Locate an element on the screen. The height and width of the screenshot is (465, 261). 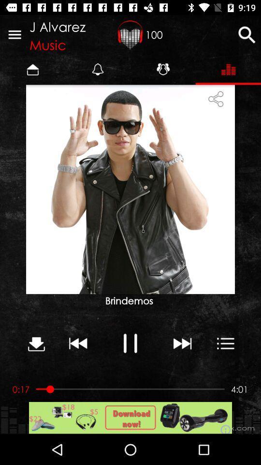
the skip_next icon is located at coordinates (182, 343).